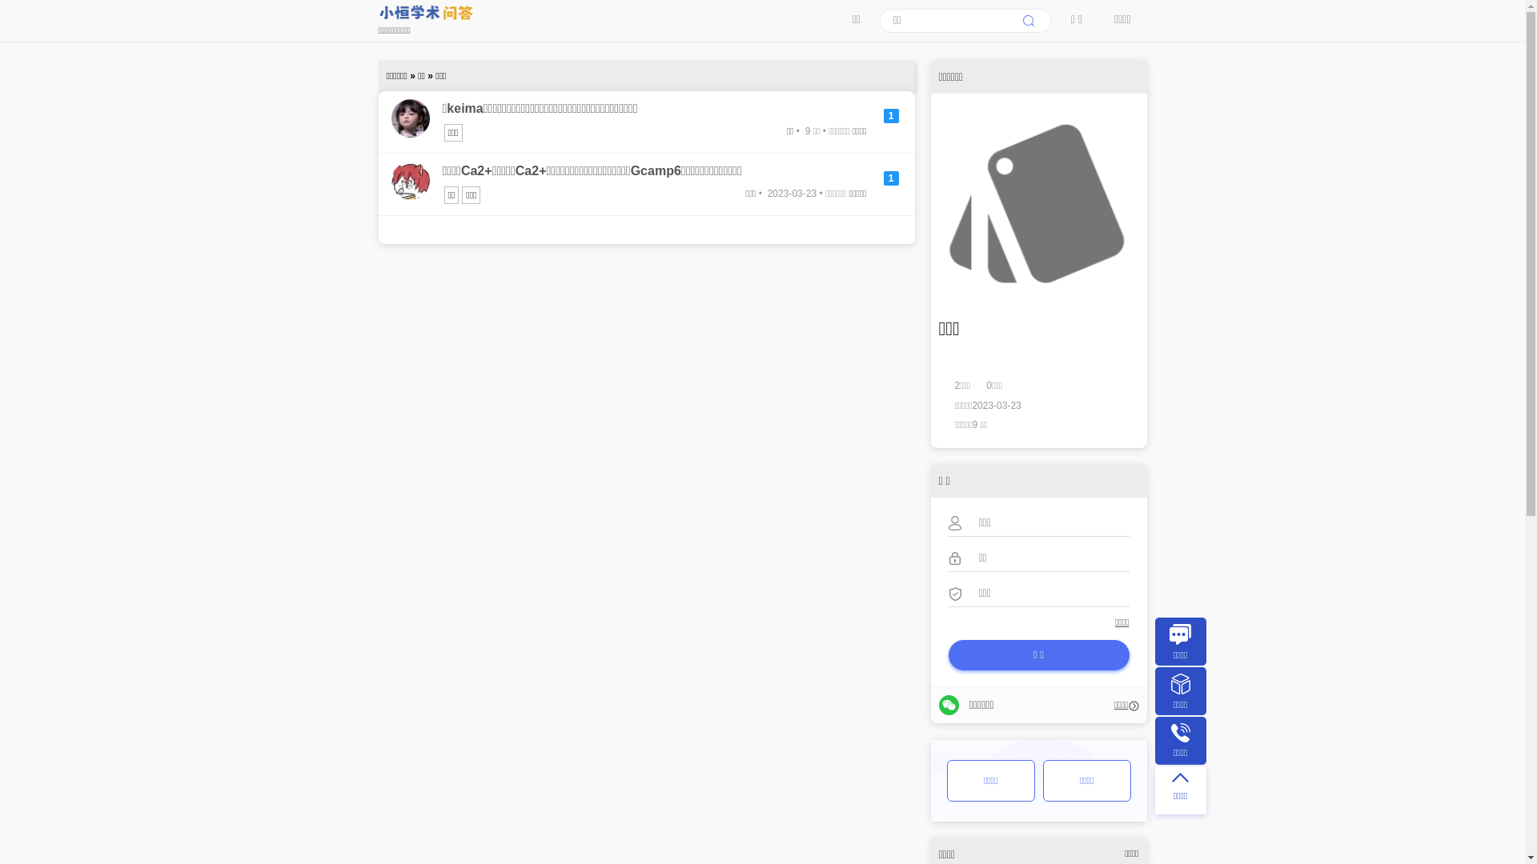 This screenshot has width=1537, height=864. I want to click on '1', so click(890, 178).